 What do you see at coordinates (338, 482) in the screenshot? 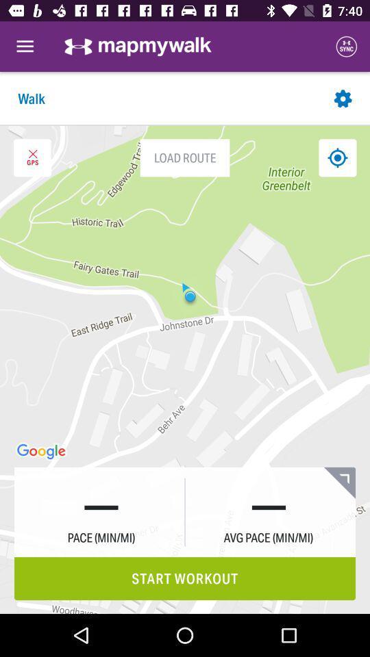
I see `more info` at bounding box center [338, 482].